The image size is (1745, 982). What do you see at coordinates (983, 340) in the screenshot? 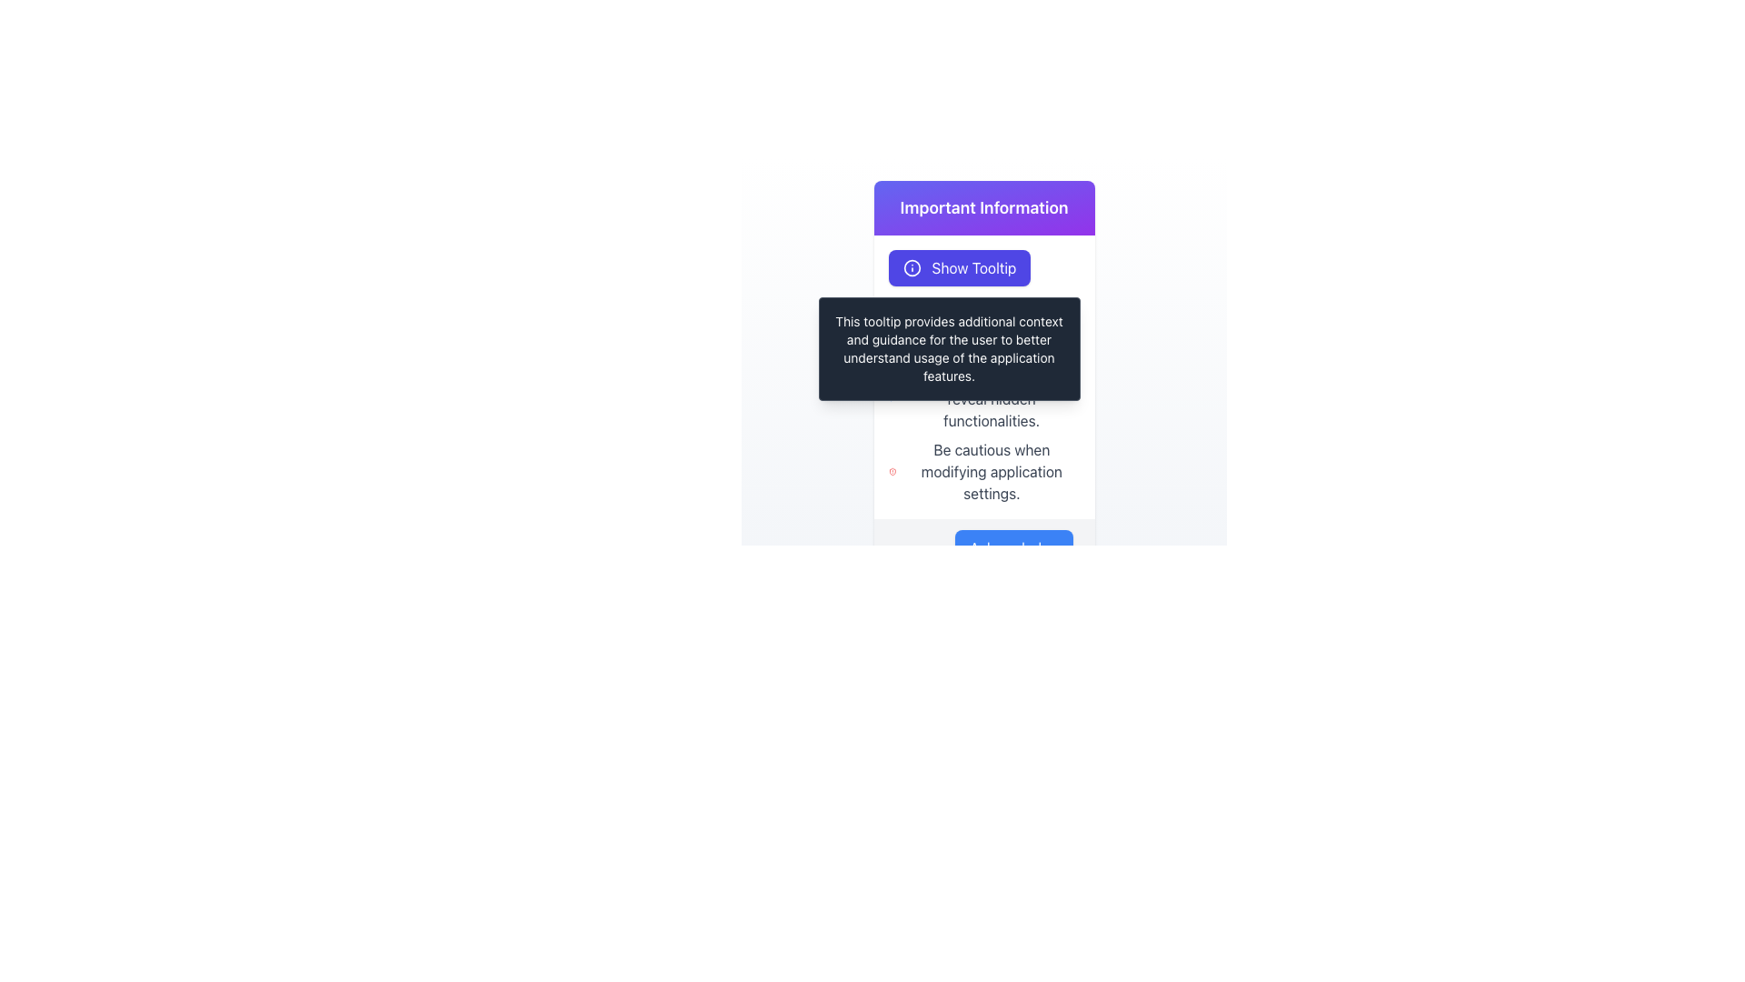
I see `the Informational Tooltip with a black background and white text, which is located in the center of a white card layout` at bounding box center [983, 340].